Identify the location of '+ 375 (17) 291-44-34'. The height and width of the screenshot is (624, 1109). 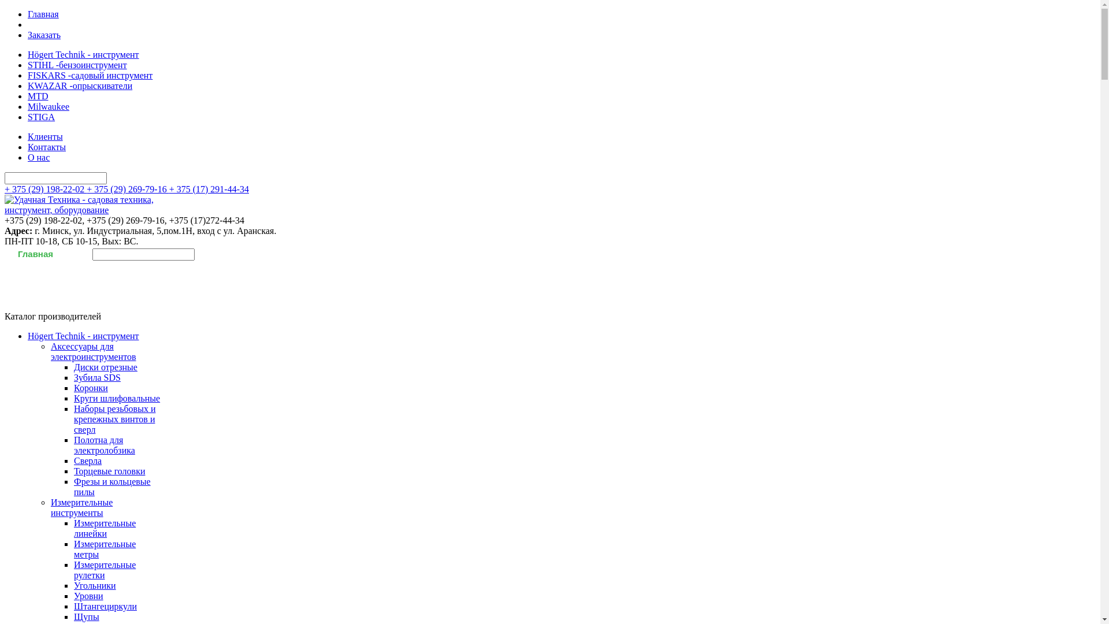
(209, 188).